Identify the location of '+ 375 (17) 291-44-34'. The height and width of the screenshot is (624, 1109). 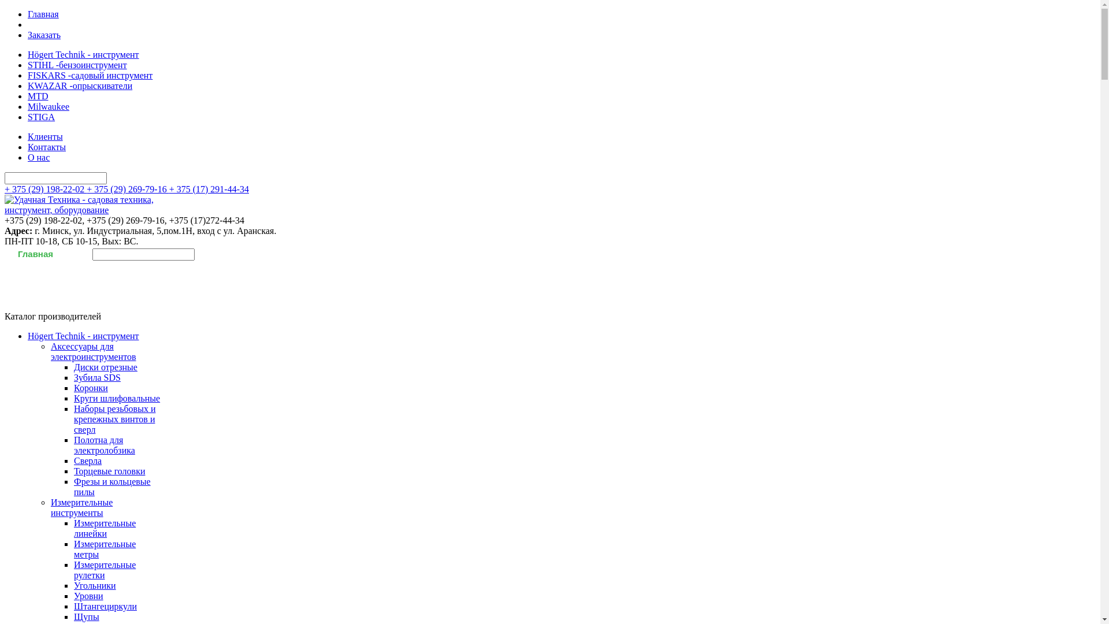
(209, 188).